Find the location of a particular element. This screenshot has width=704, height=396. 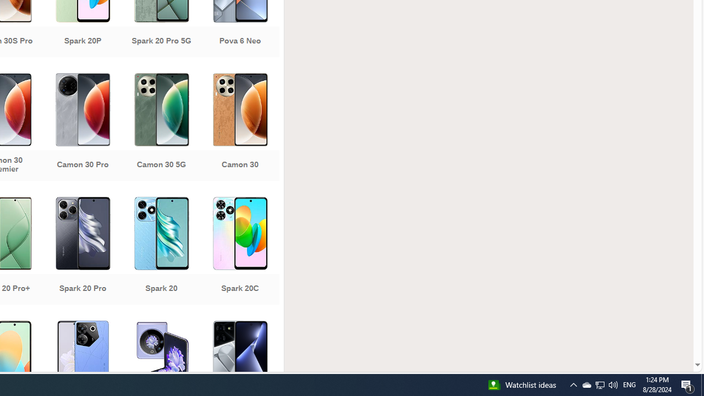

'Spark 20' is located at coordinates (161, 252).